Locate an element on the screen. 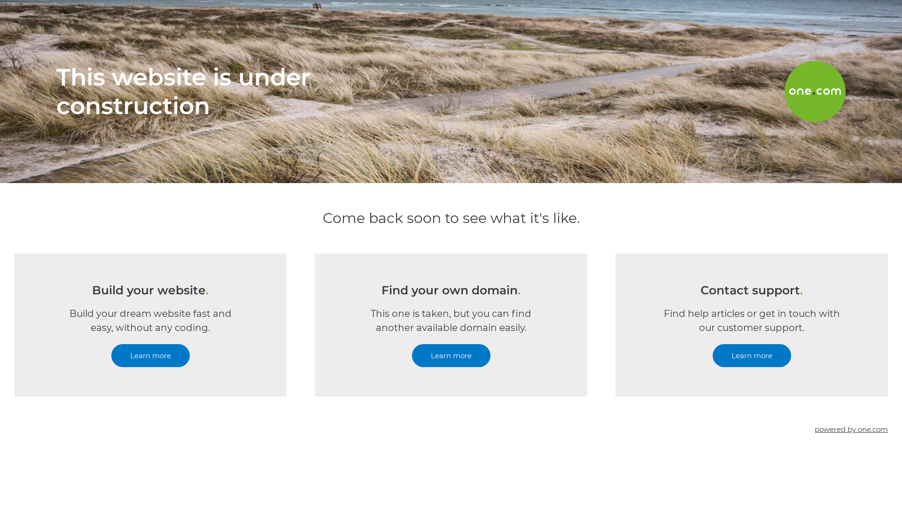 This screenshot has width=902, height=507. 'Learn more' is located at coordinates (751, 355).